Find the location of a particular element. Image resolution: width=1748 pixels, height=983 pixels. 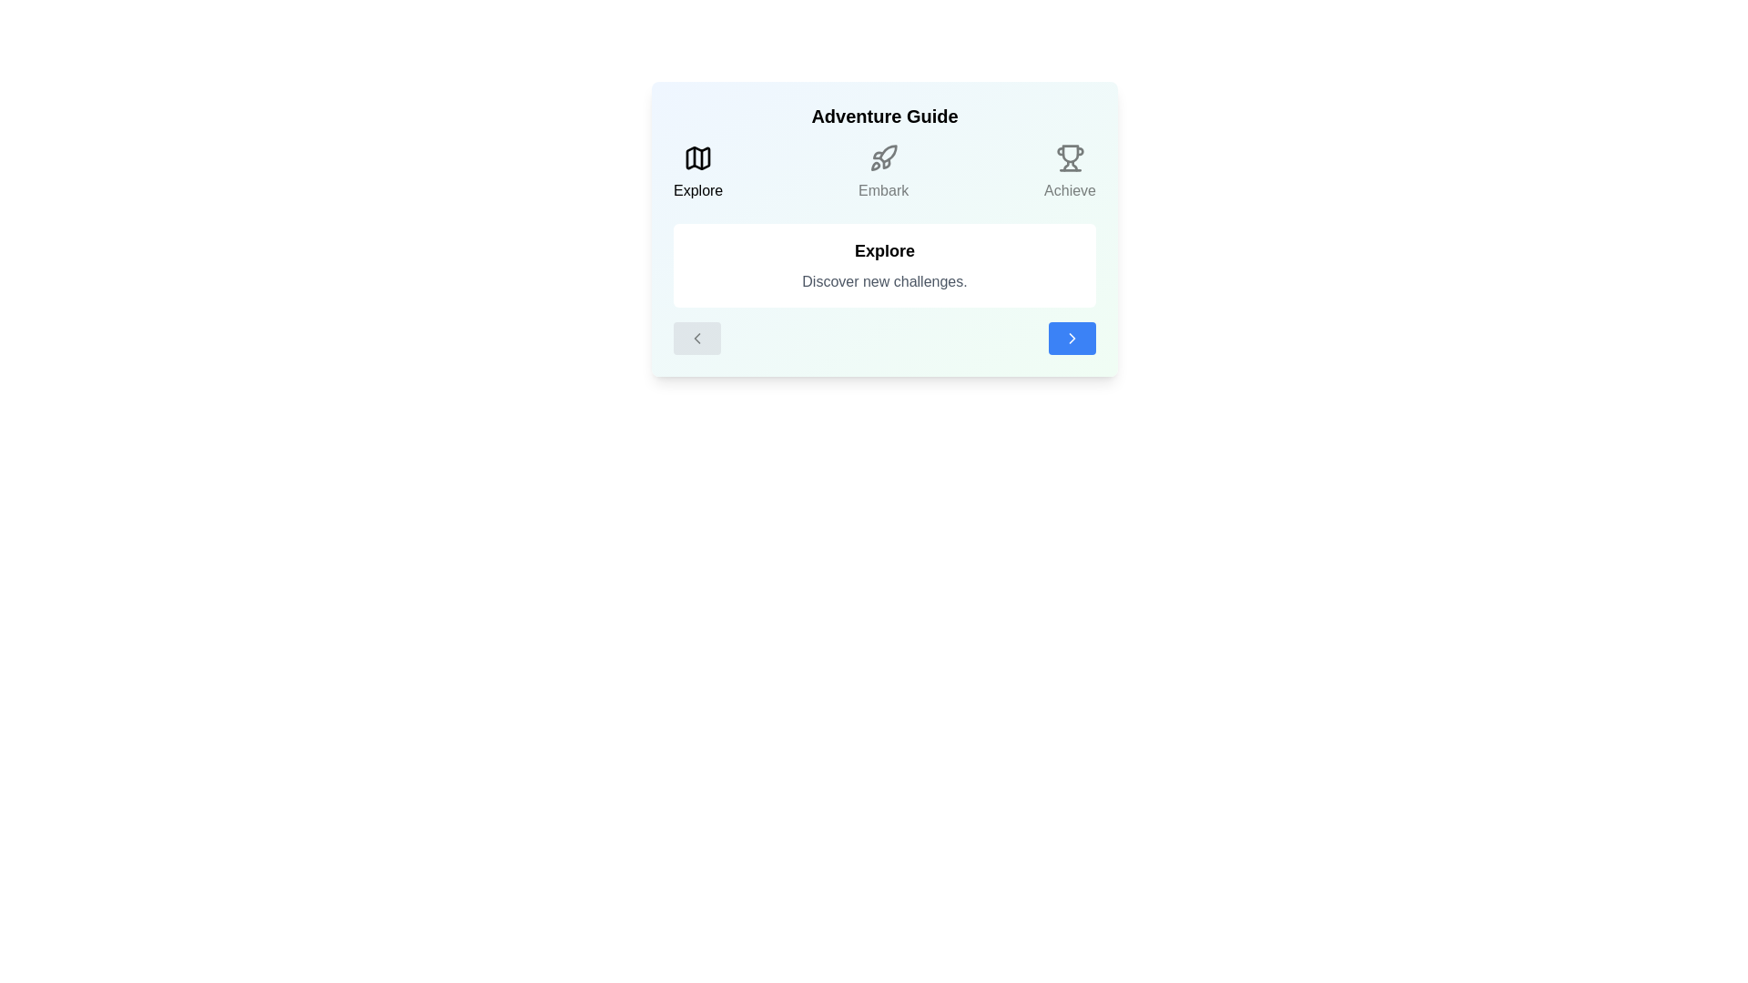

the 'previous' button to navigate to the previous step is located at coordinates (696, 338).